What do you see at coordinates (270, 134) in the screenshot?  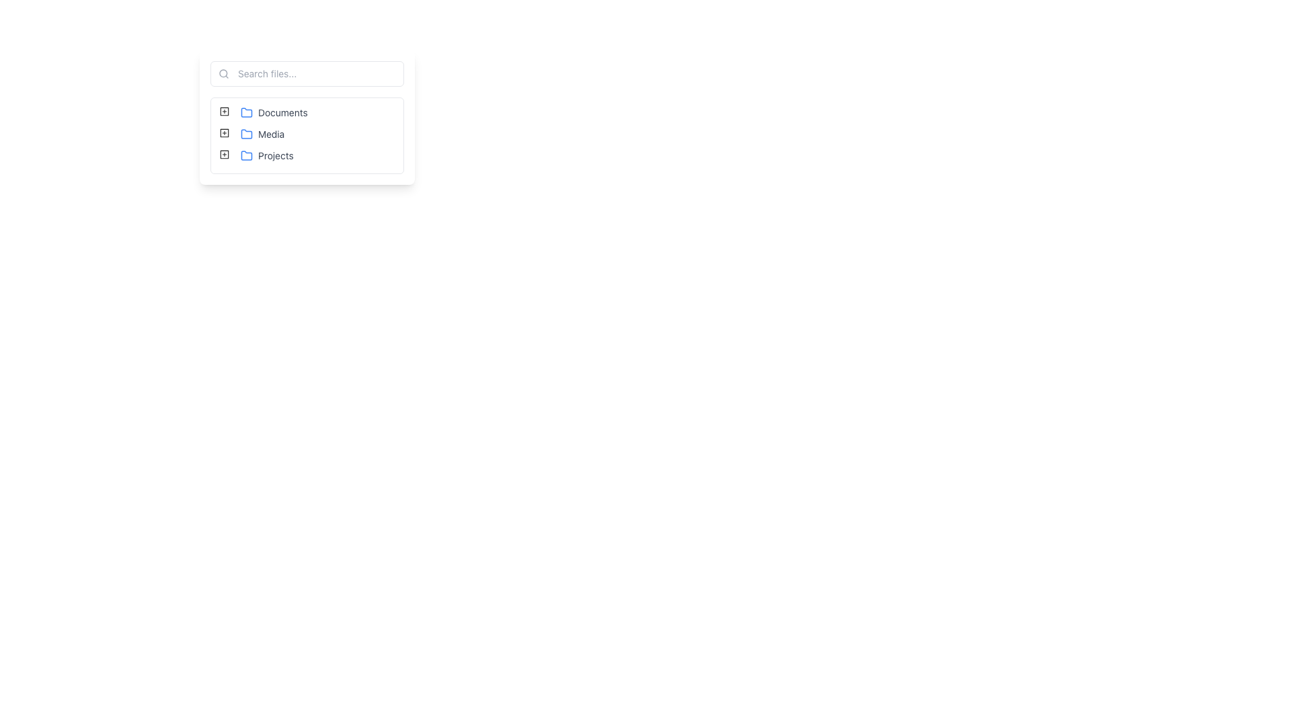 I see `the text label displaying 'Media', which is the second folder entry in the left-side panel of the application, located below the 'Documents' search bar and above 'Projects'` at bounding box center [270, 134].